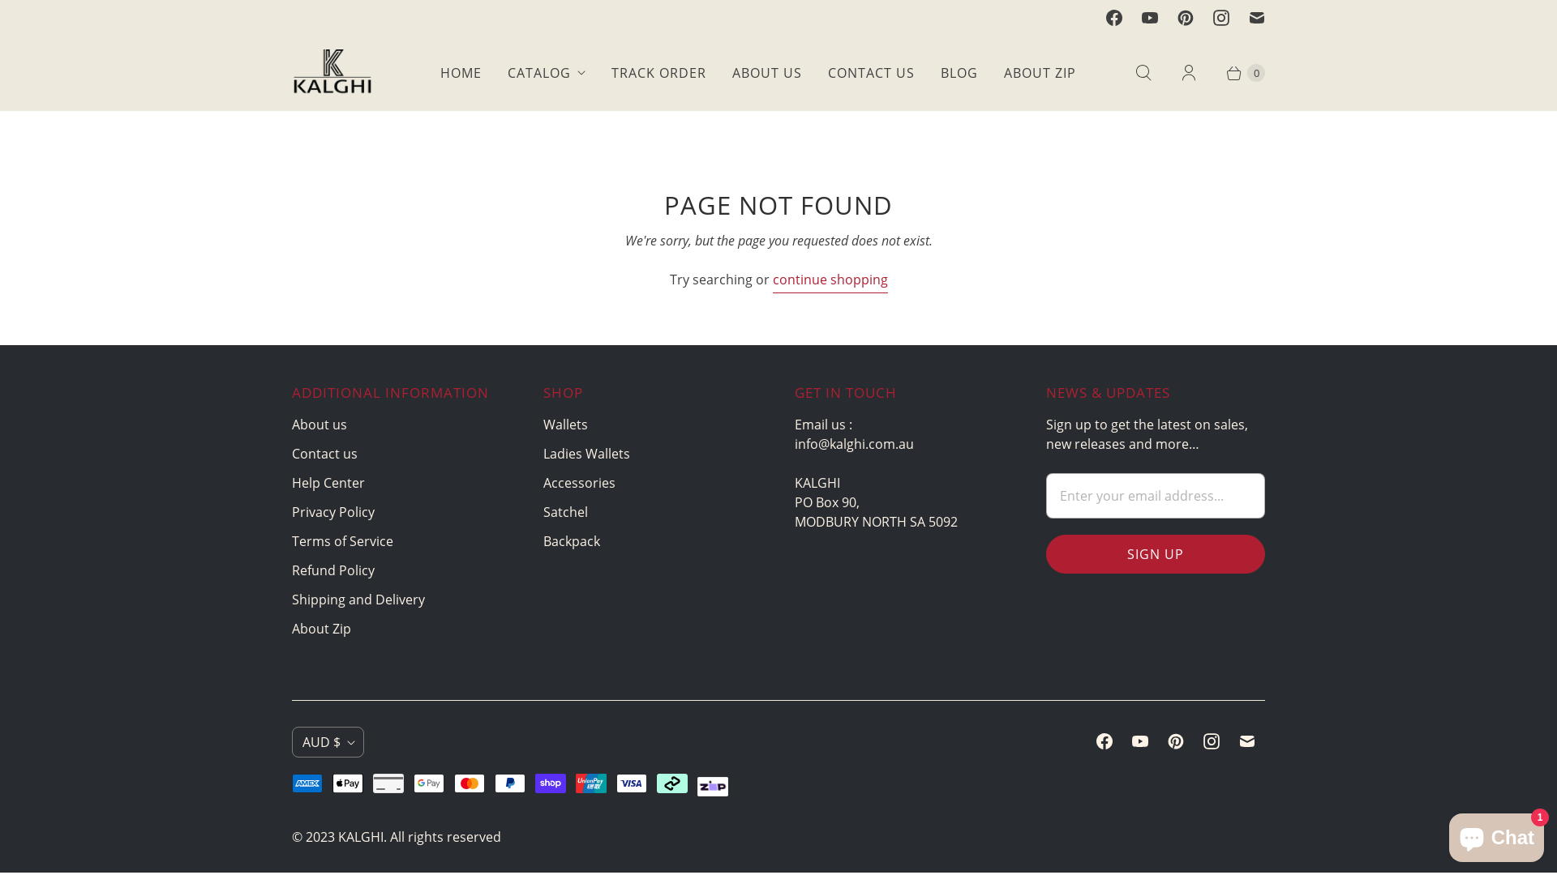 The height and width of the screenshot is (875, 1557). I want to click on 'Backpack', so click(572, 540).